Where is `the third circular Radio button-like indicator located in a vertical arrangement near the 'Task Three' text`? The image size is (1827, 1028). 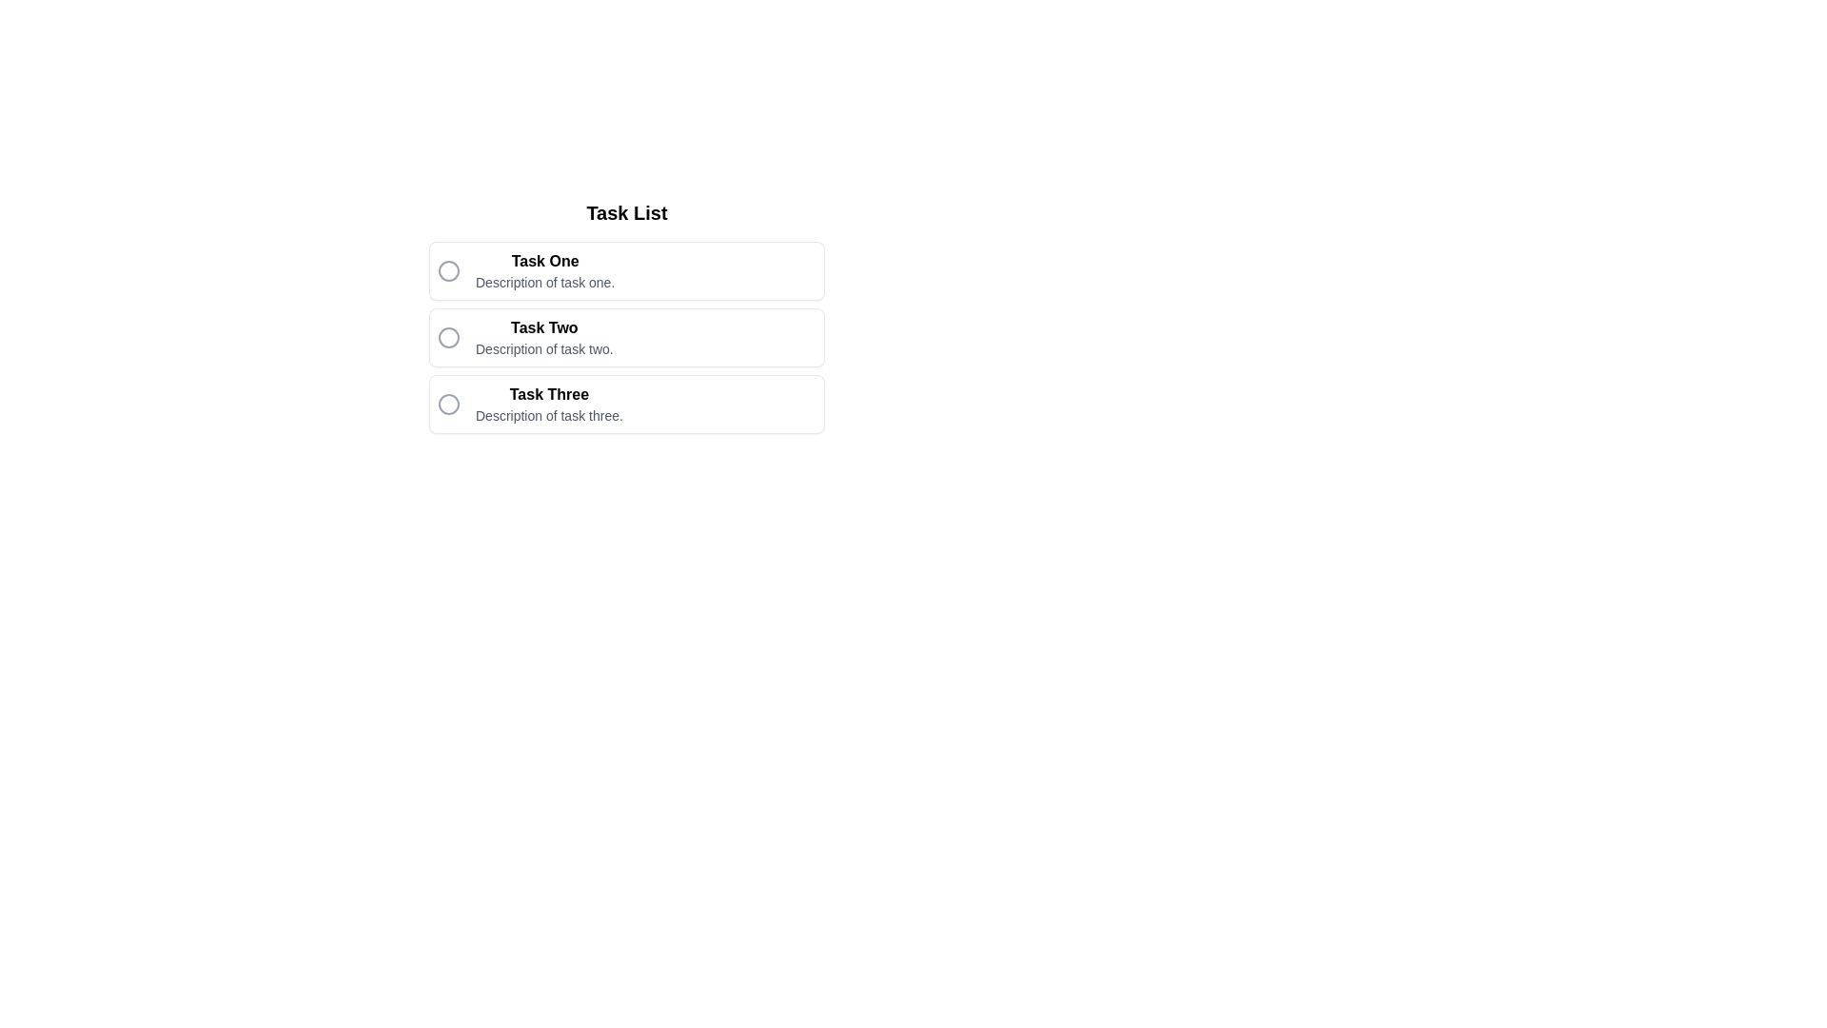
the third circular Radio button-like indicator located in a vertical arrangement near the 'Task Three' text is located at coordinates (447, 403).